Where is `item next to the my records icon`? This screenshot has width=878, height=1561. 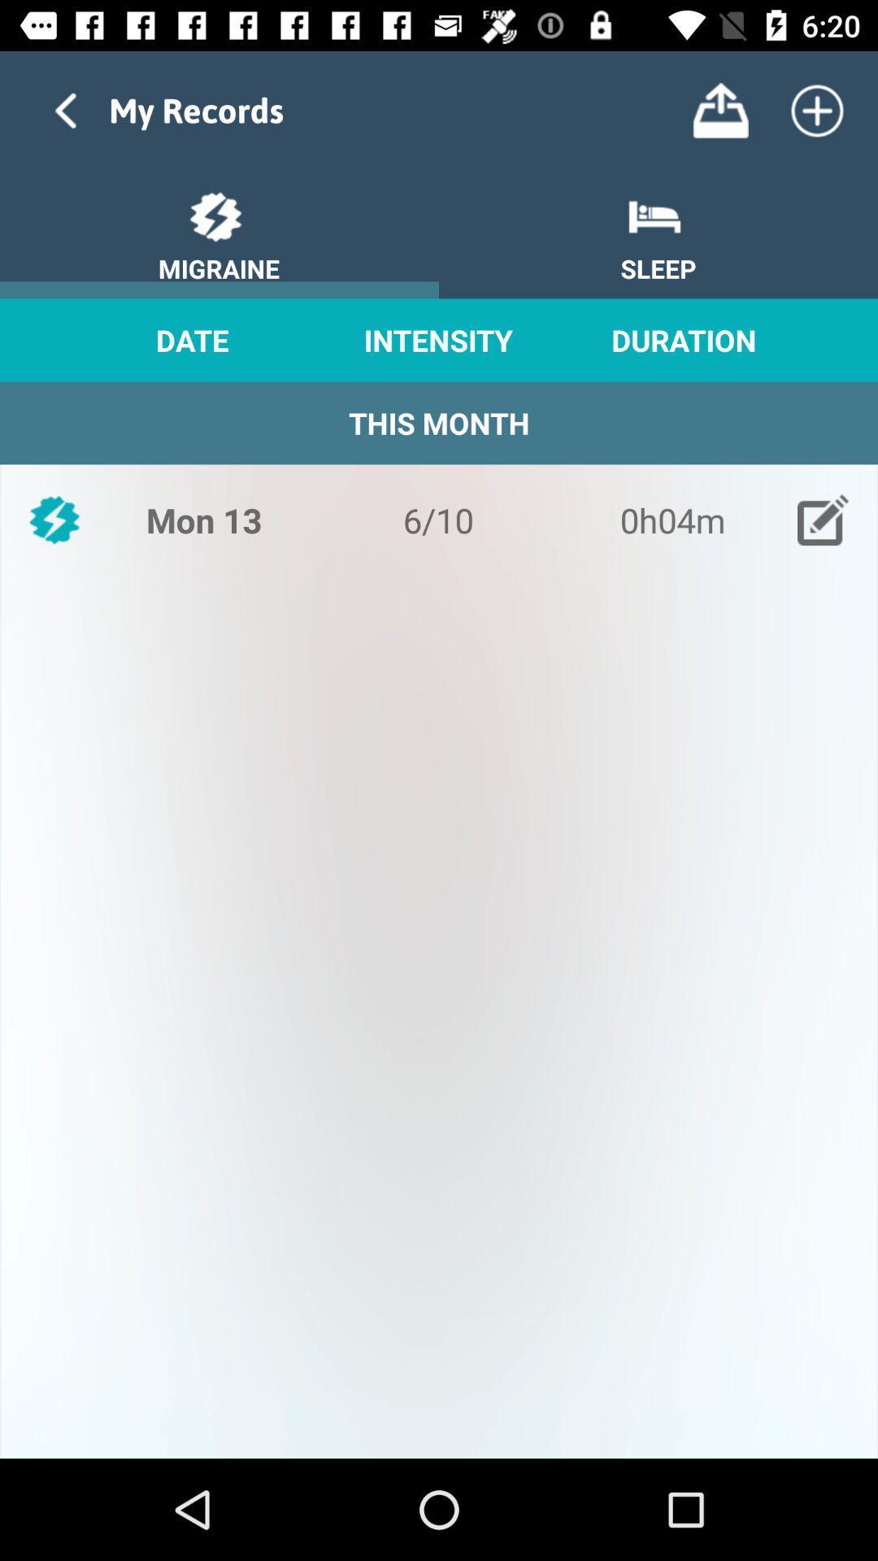 item next to the my records icon is located at coordinates (719, 110).